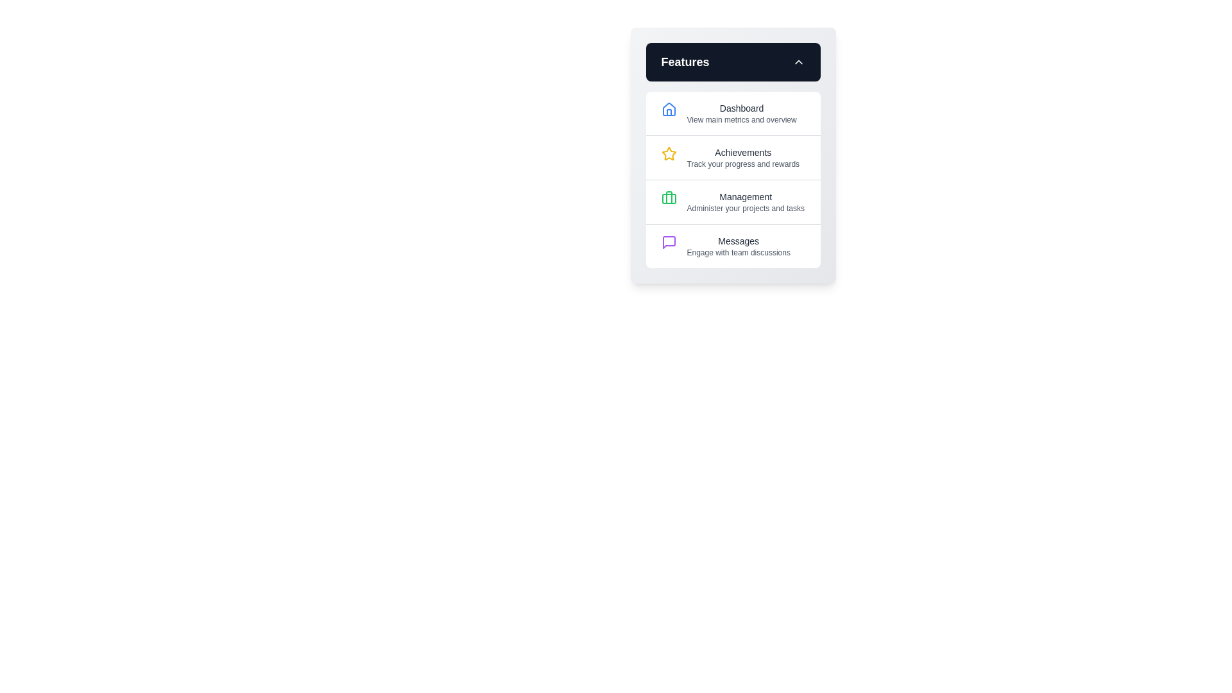 The height and width of the screenshot is (693, 1232). I want to click on the 'Achievements' icon, which is visually representative of the 'Achievements' section and is located adjacent to the descriptive text in the vertical list, so click(668, 153).